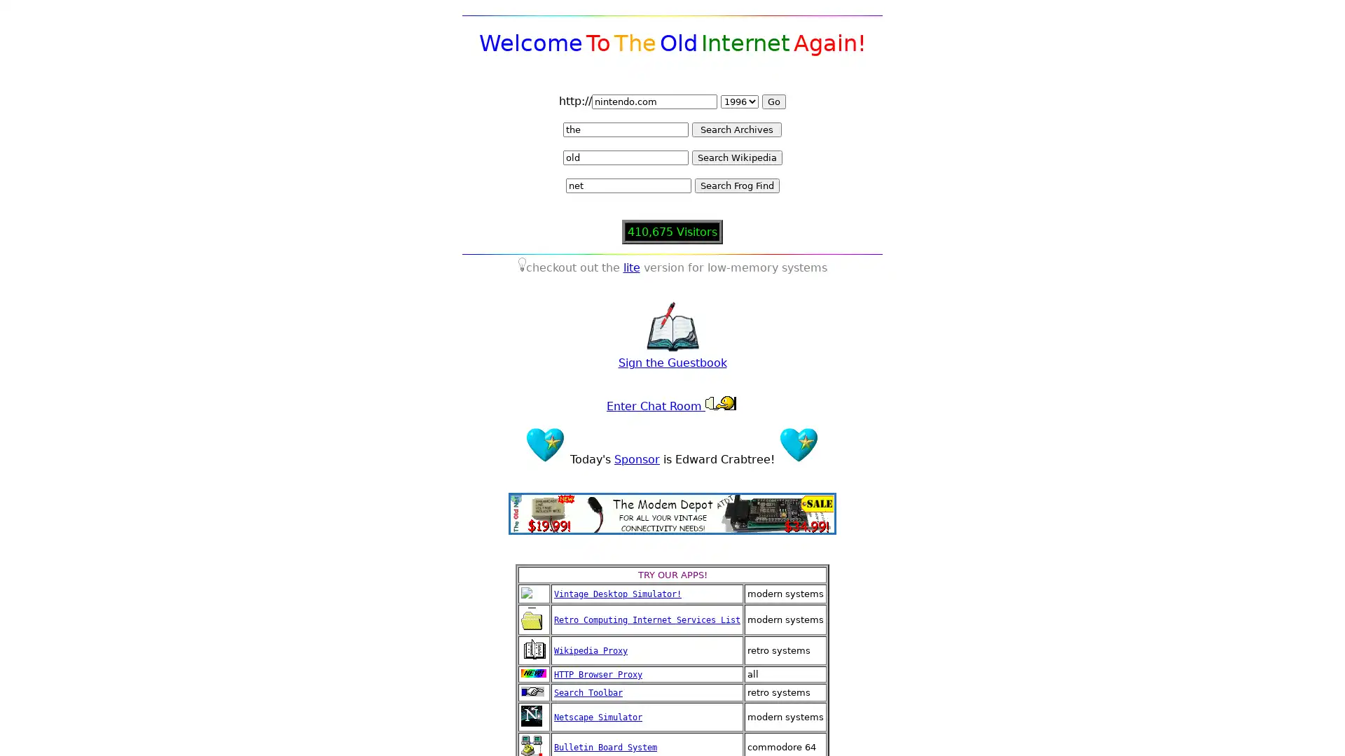 The width and height of the screenshot is (1345, 756). I want to click on Go, so click(773, 101).